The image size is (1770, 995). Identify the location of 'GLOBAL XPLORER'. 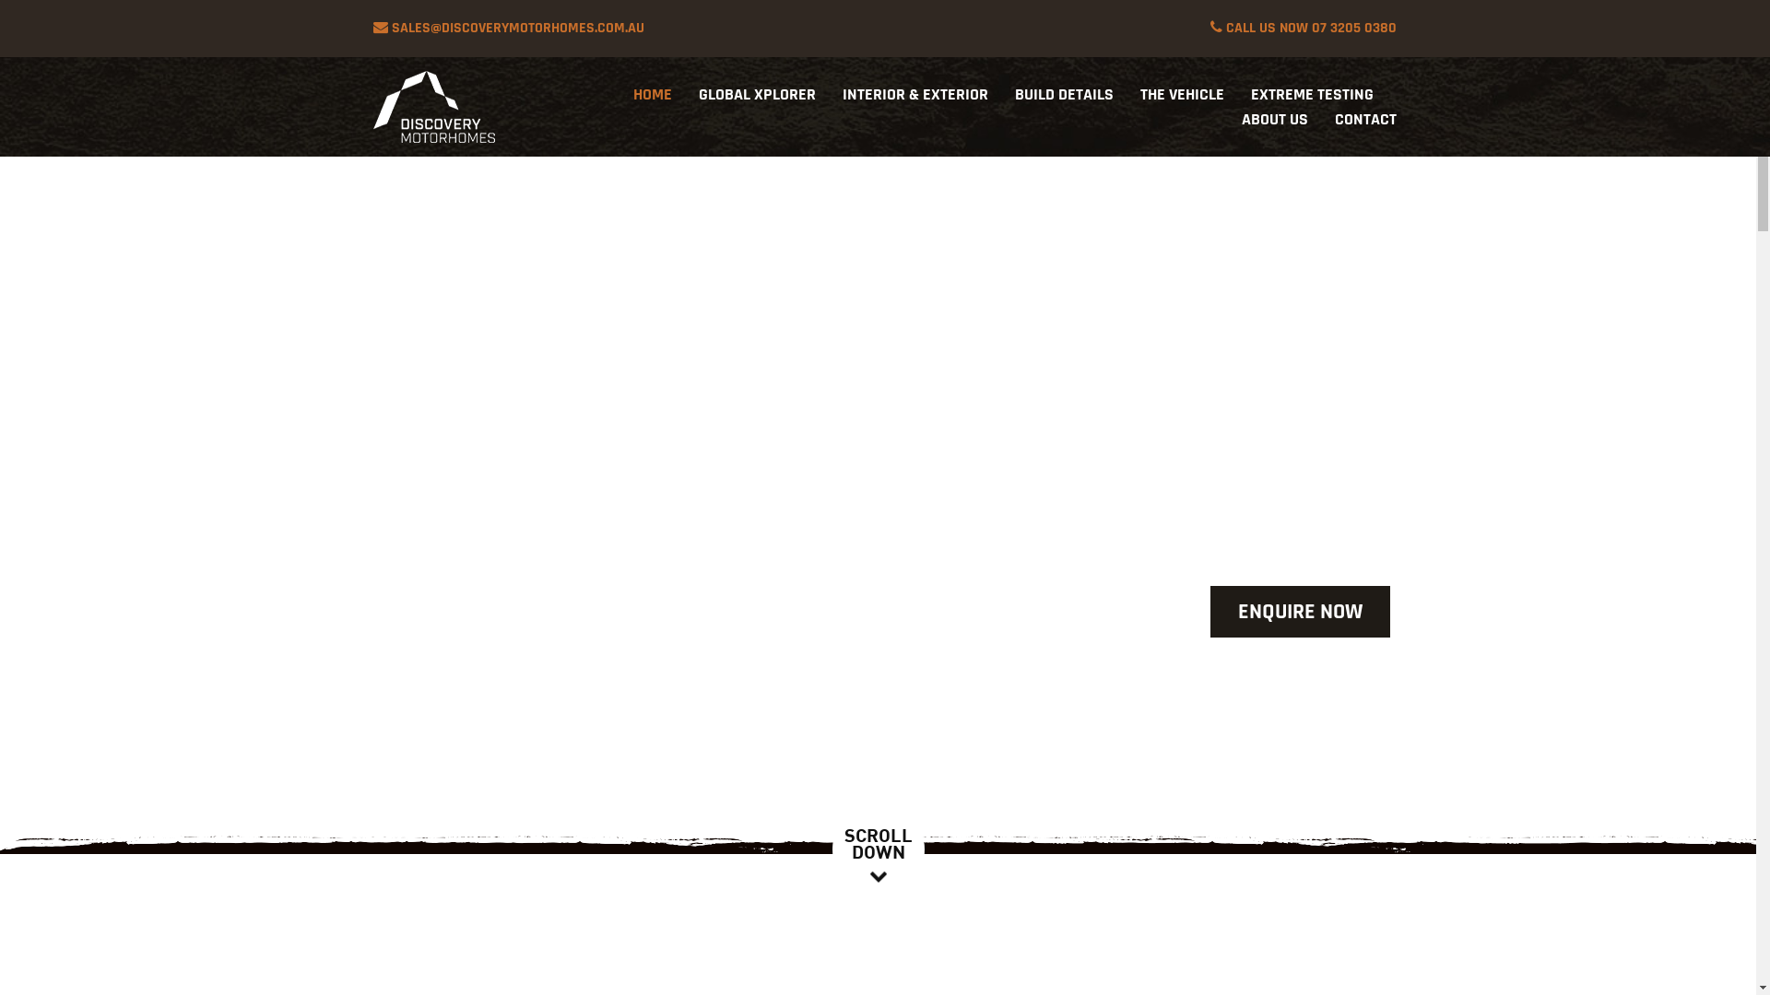
(757, 94).